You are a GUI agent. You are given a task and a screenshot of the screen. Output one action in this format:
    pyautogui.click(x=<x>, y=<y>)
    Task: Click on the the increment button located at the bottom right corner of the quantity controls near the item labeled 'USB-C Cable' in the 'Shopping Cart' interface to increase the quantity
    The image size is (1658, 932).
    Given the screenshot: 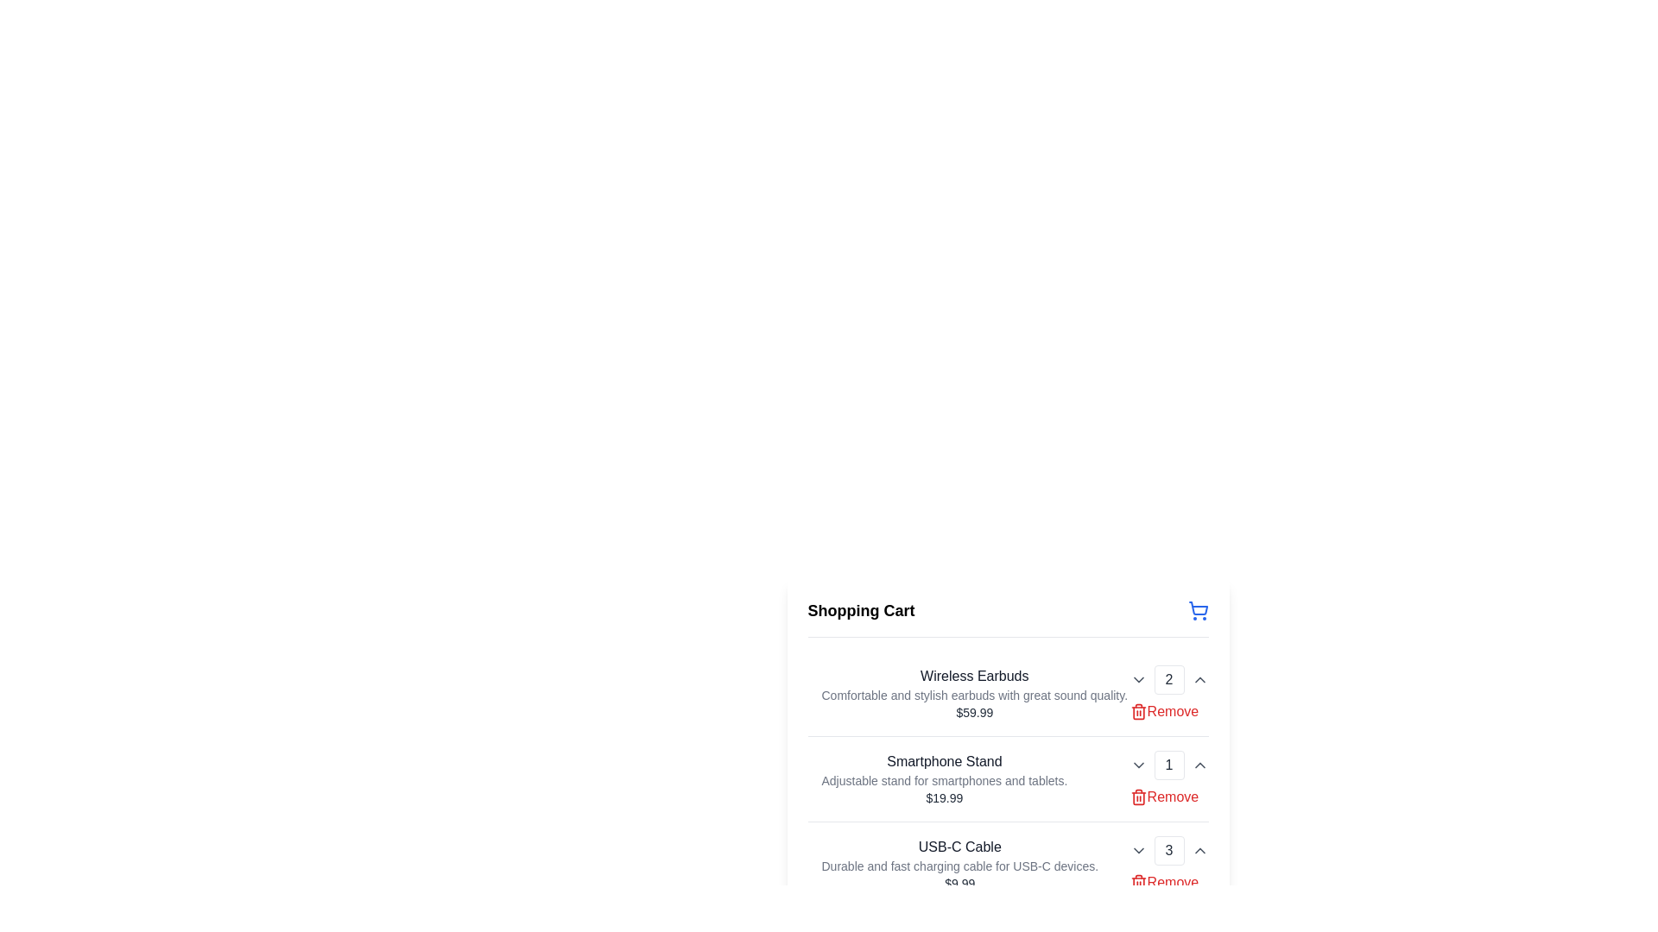 What is the action you would take?
    pyautogui.click(x=1199, y=850)
    